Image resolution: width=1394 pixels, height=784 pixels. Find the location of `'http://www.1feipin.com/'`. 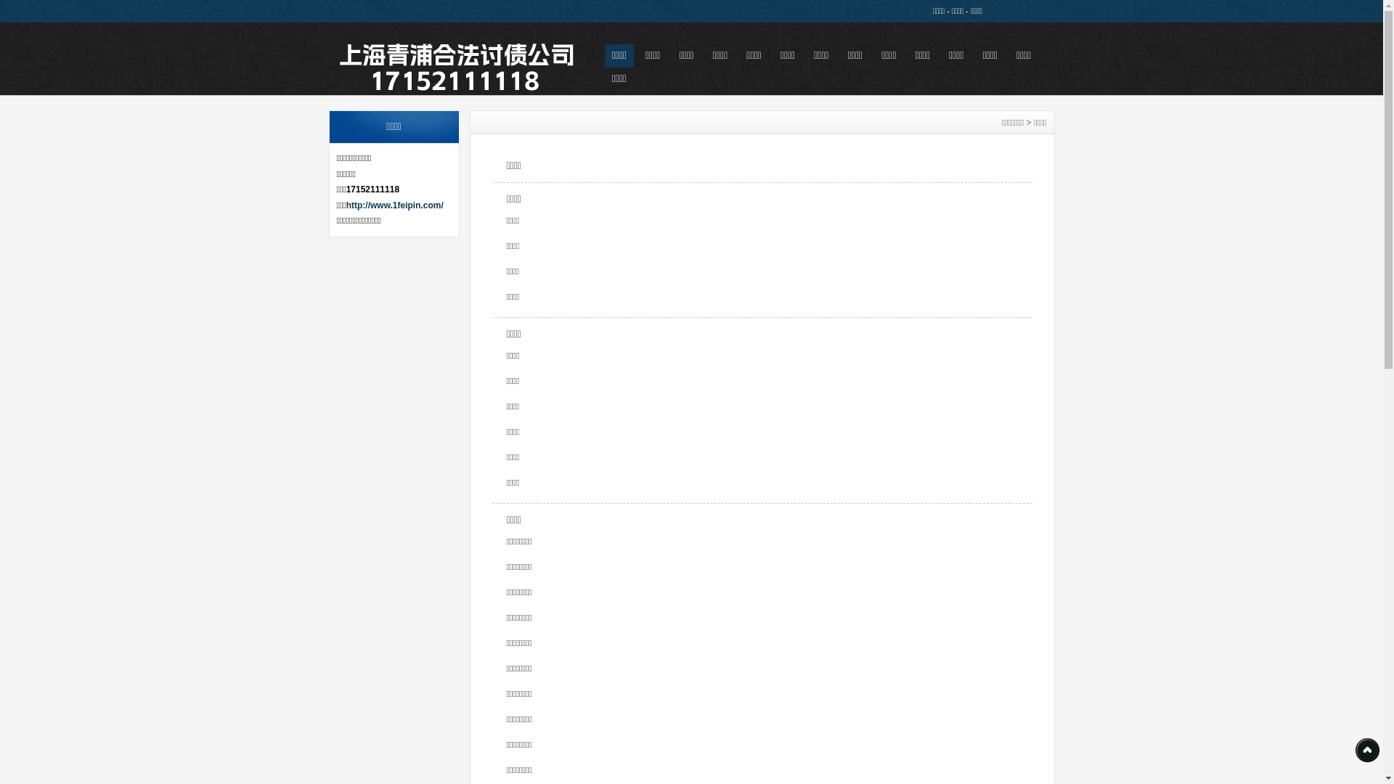

'http://www.1feipin.com/' is located at coordinates (394, 205).